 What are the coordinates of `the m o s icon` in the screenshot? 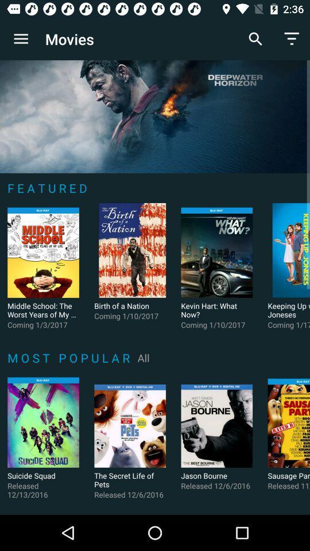 It's located at (71, 357).